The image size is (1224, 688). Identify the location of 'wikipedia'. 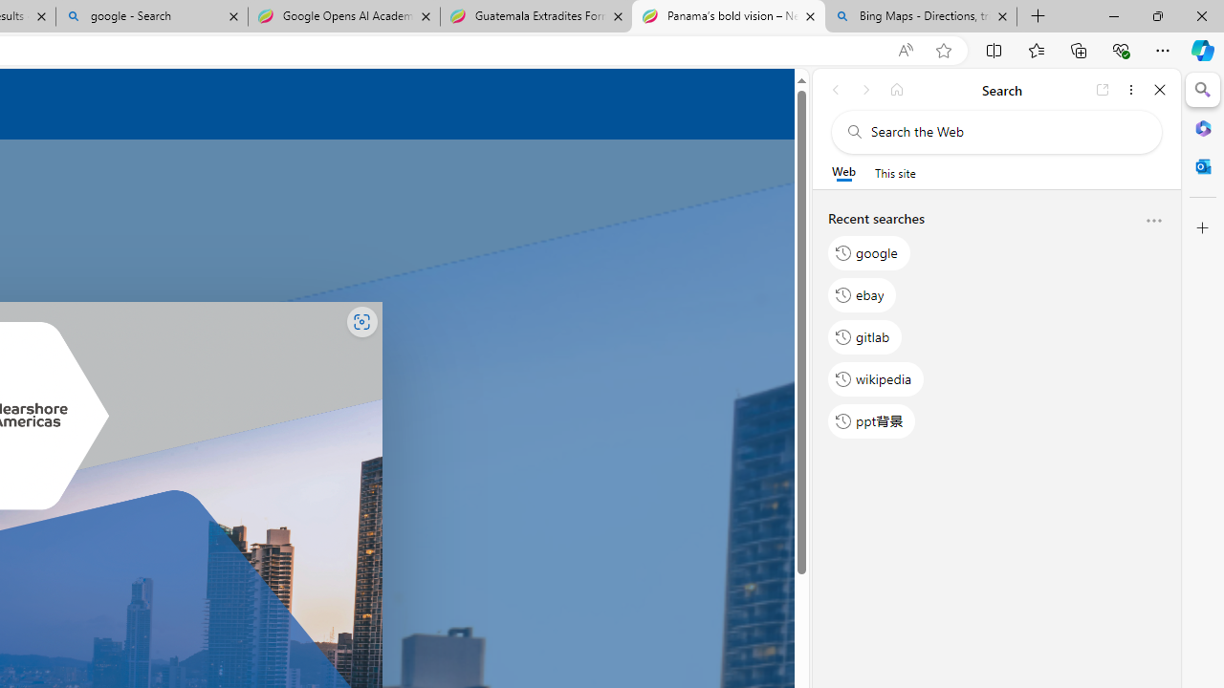
(875, 378).